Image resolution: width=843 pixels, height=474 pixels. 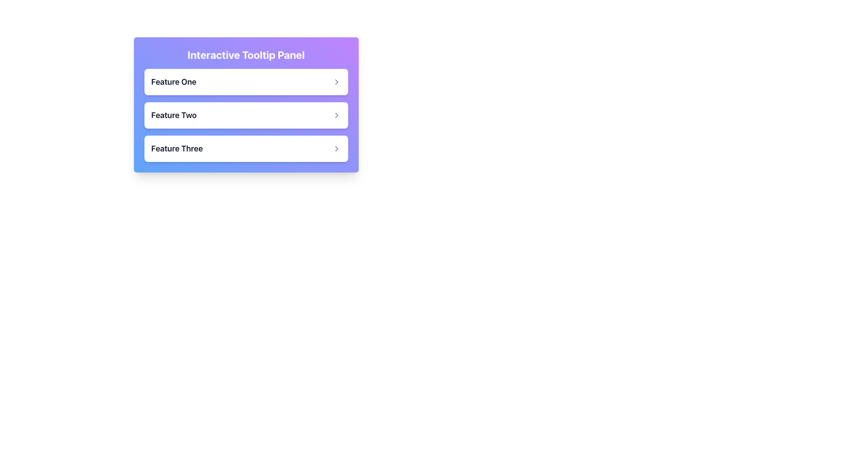 I want to click on the rightward-pointing chevron arrow icon located in the second button of the list within the tooltip panel, so click(x=336, y=115).